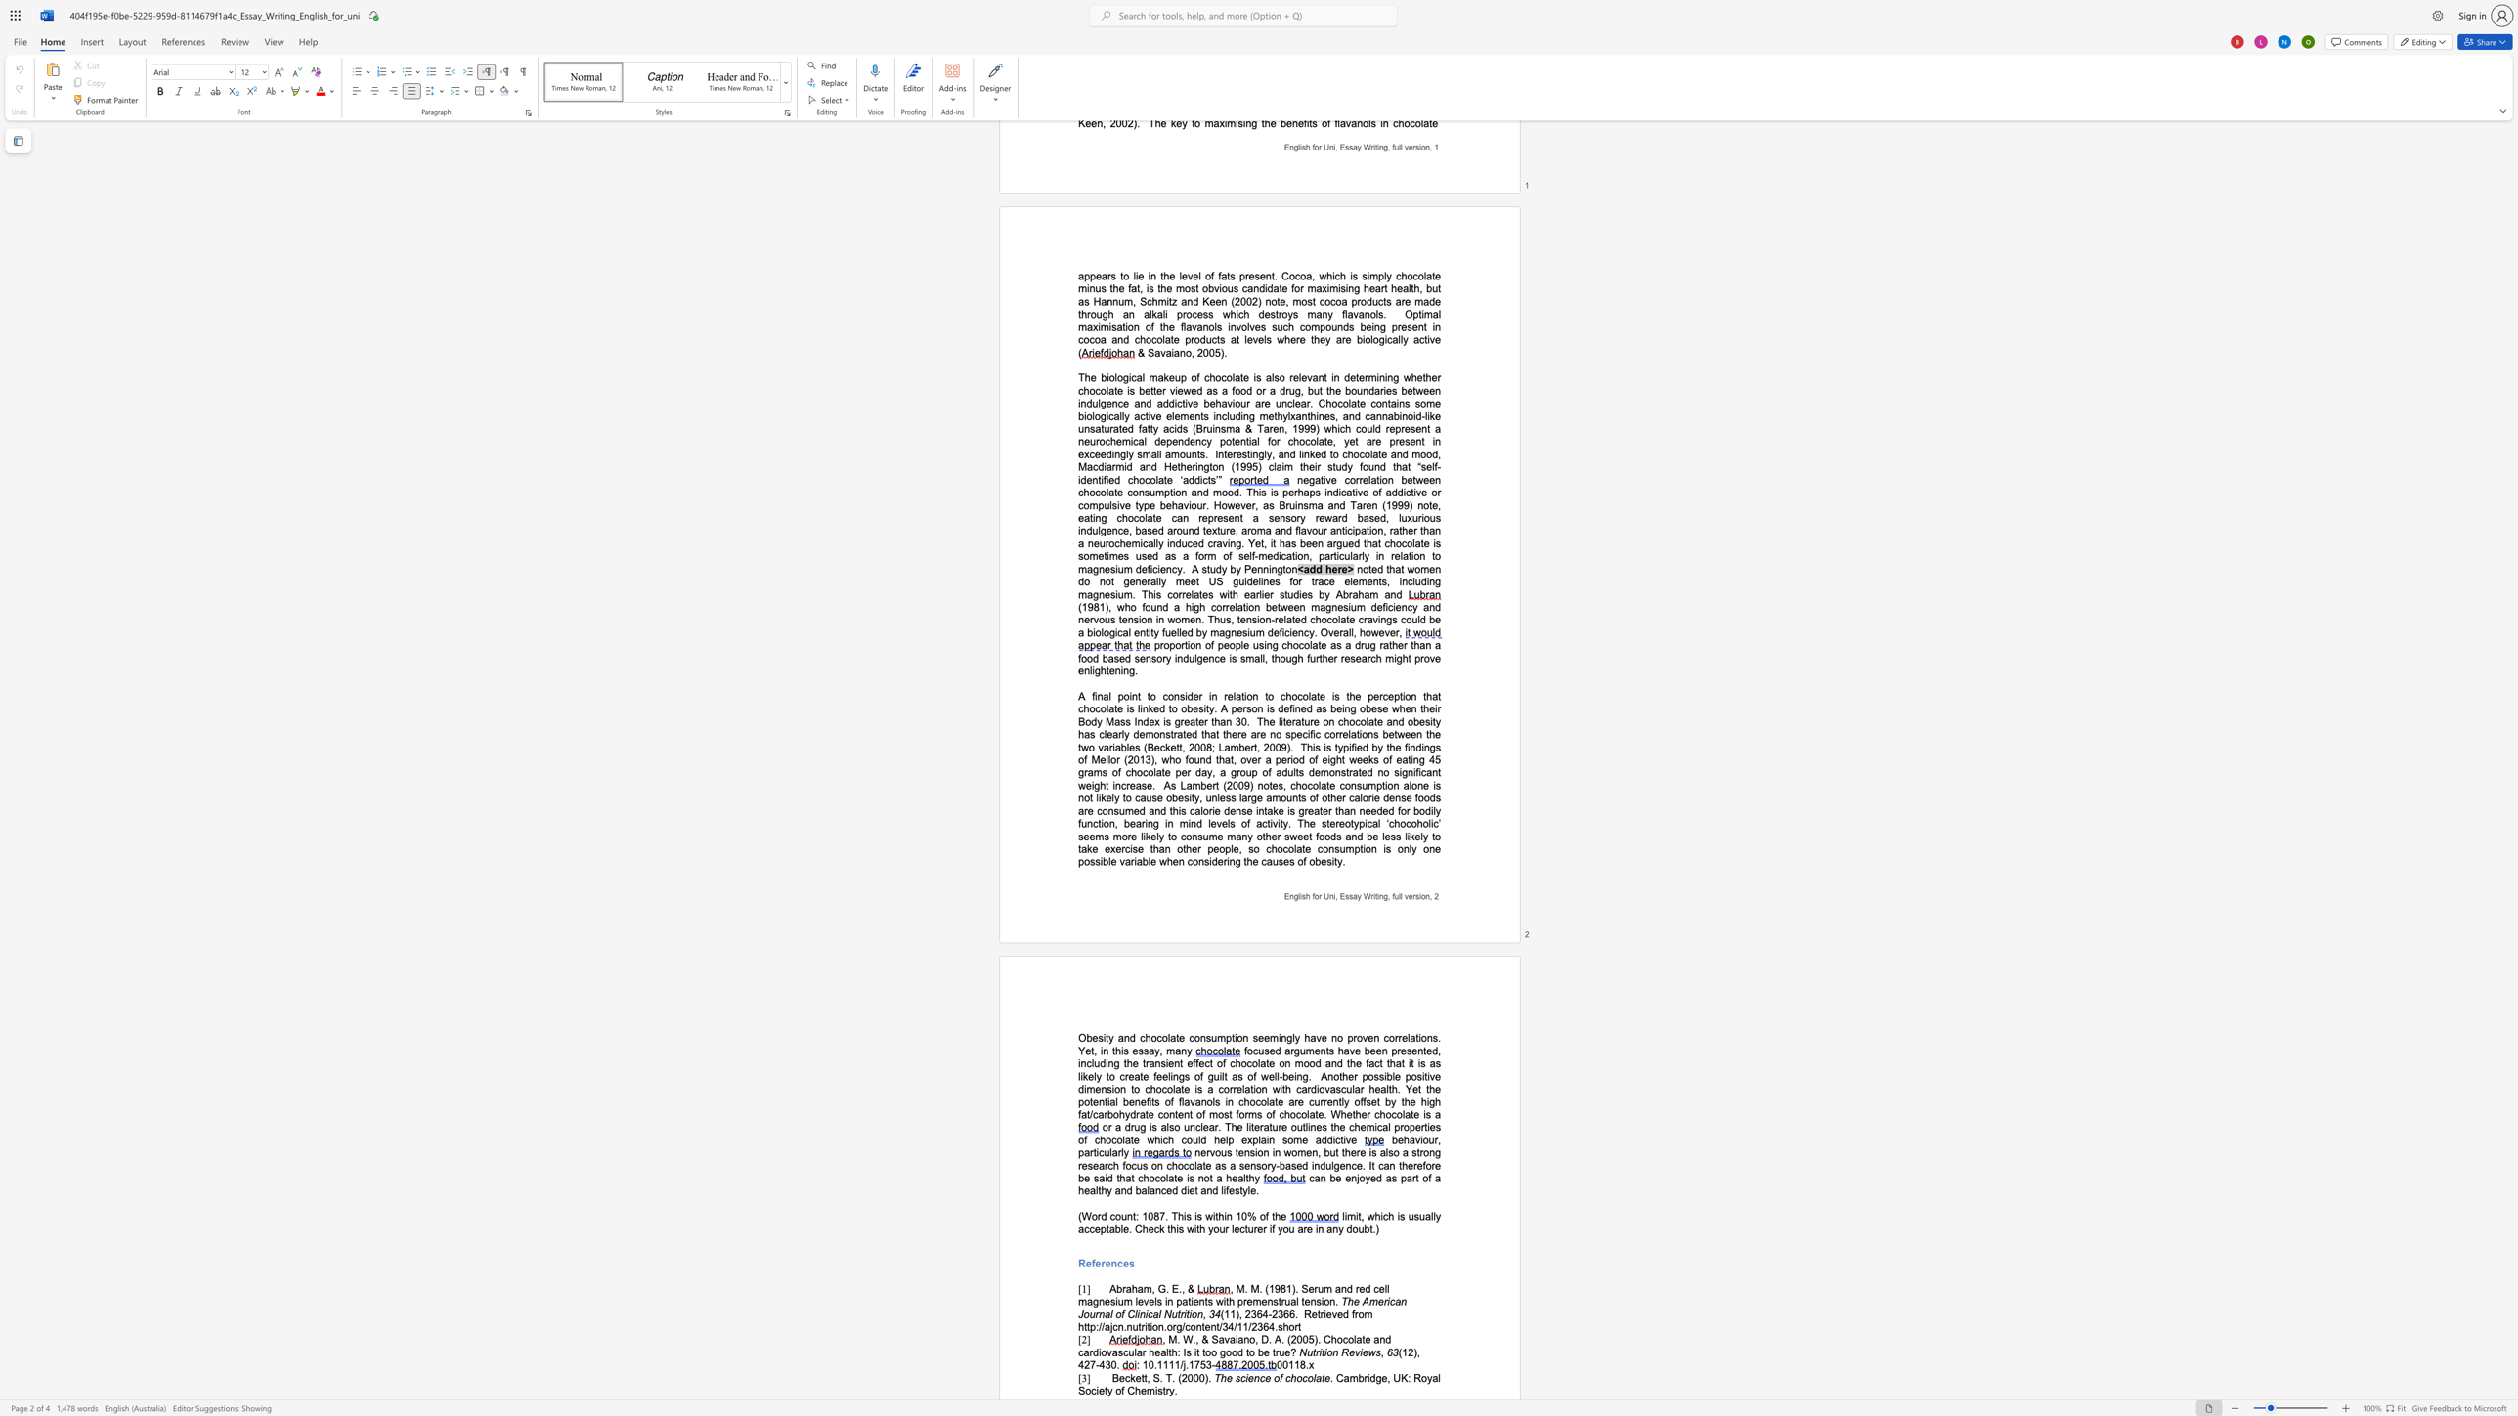  I want to click on the 2th character "n" in the text, so click(1330, 895).